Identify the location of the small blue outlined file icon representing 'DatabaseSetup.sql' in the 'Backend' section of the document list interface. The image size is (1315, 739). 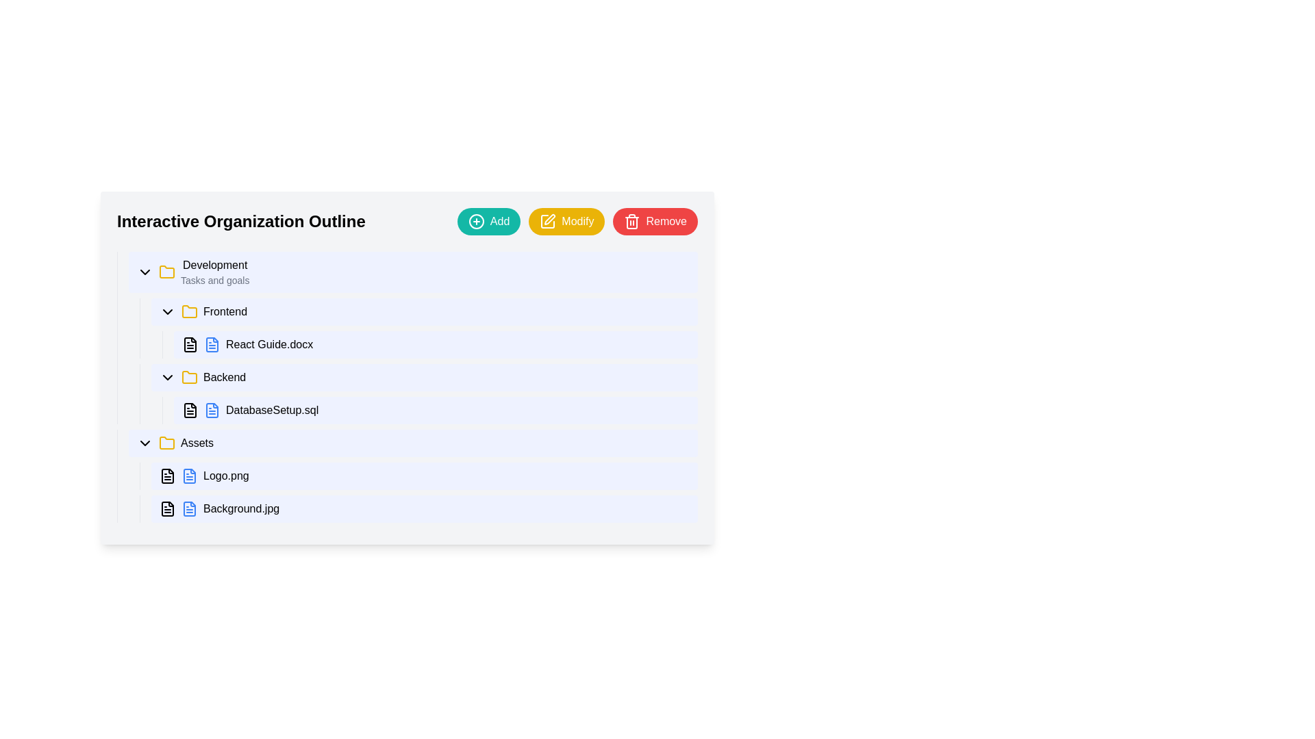
(212, 410).